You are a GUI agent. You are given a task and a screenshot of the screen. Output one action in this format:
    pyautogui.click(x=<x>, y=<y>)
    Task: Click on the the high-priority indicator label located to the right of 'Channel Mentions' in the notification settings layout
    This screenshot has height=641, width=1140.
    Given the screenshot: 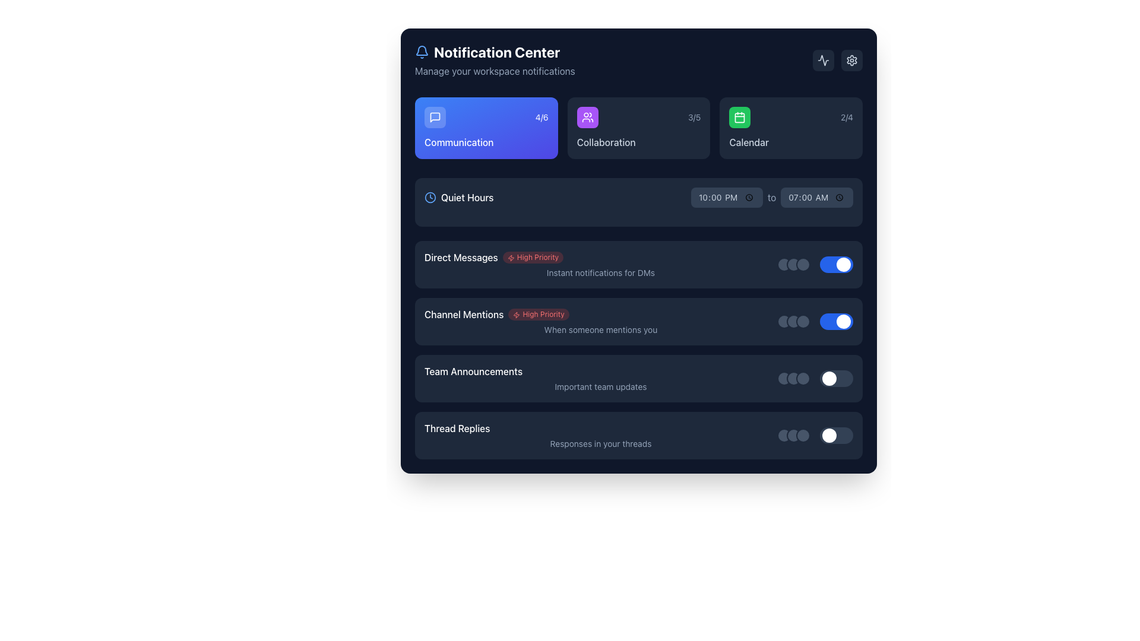 What is the action you would take?
    pyautogui.click(x=538, y=313)
    